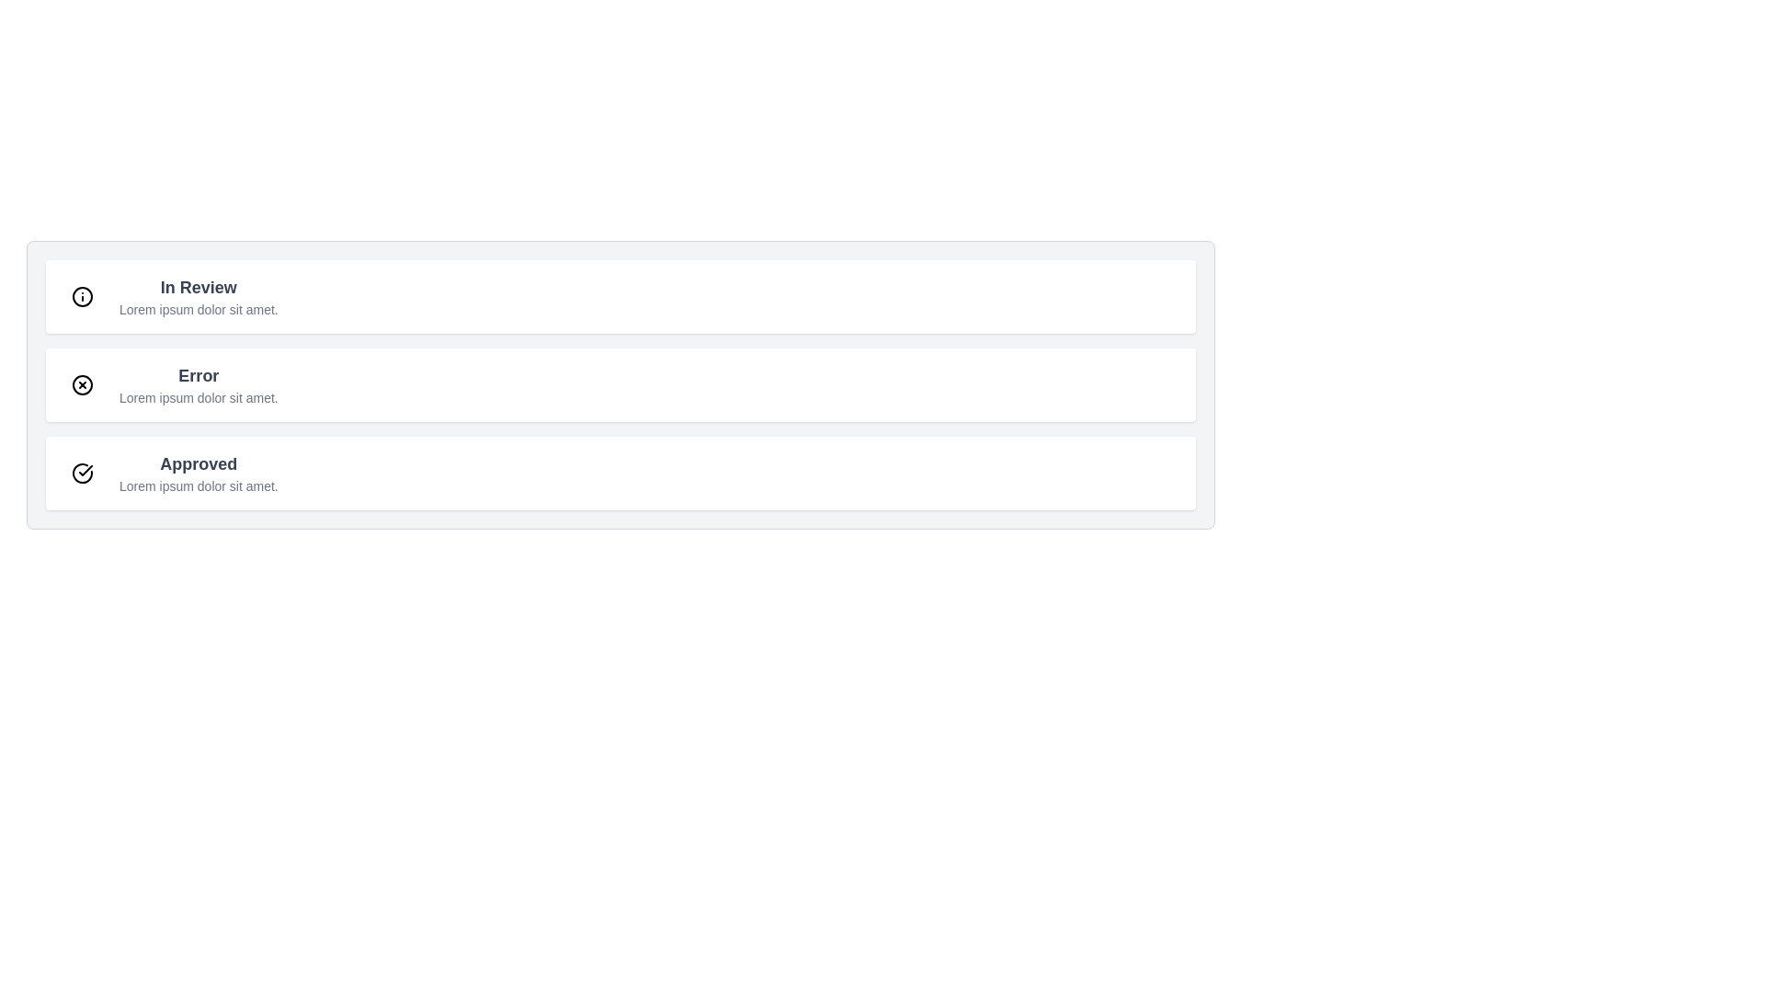 The image size is (1765, 993). What do you see at coordinates (82, 296) in the screenshot?
I see `the small circular information icon with an encircled 'i' located to the left of the 'In Review' label for interpretive purposes` at bounding box center [82, 296].